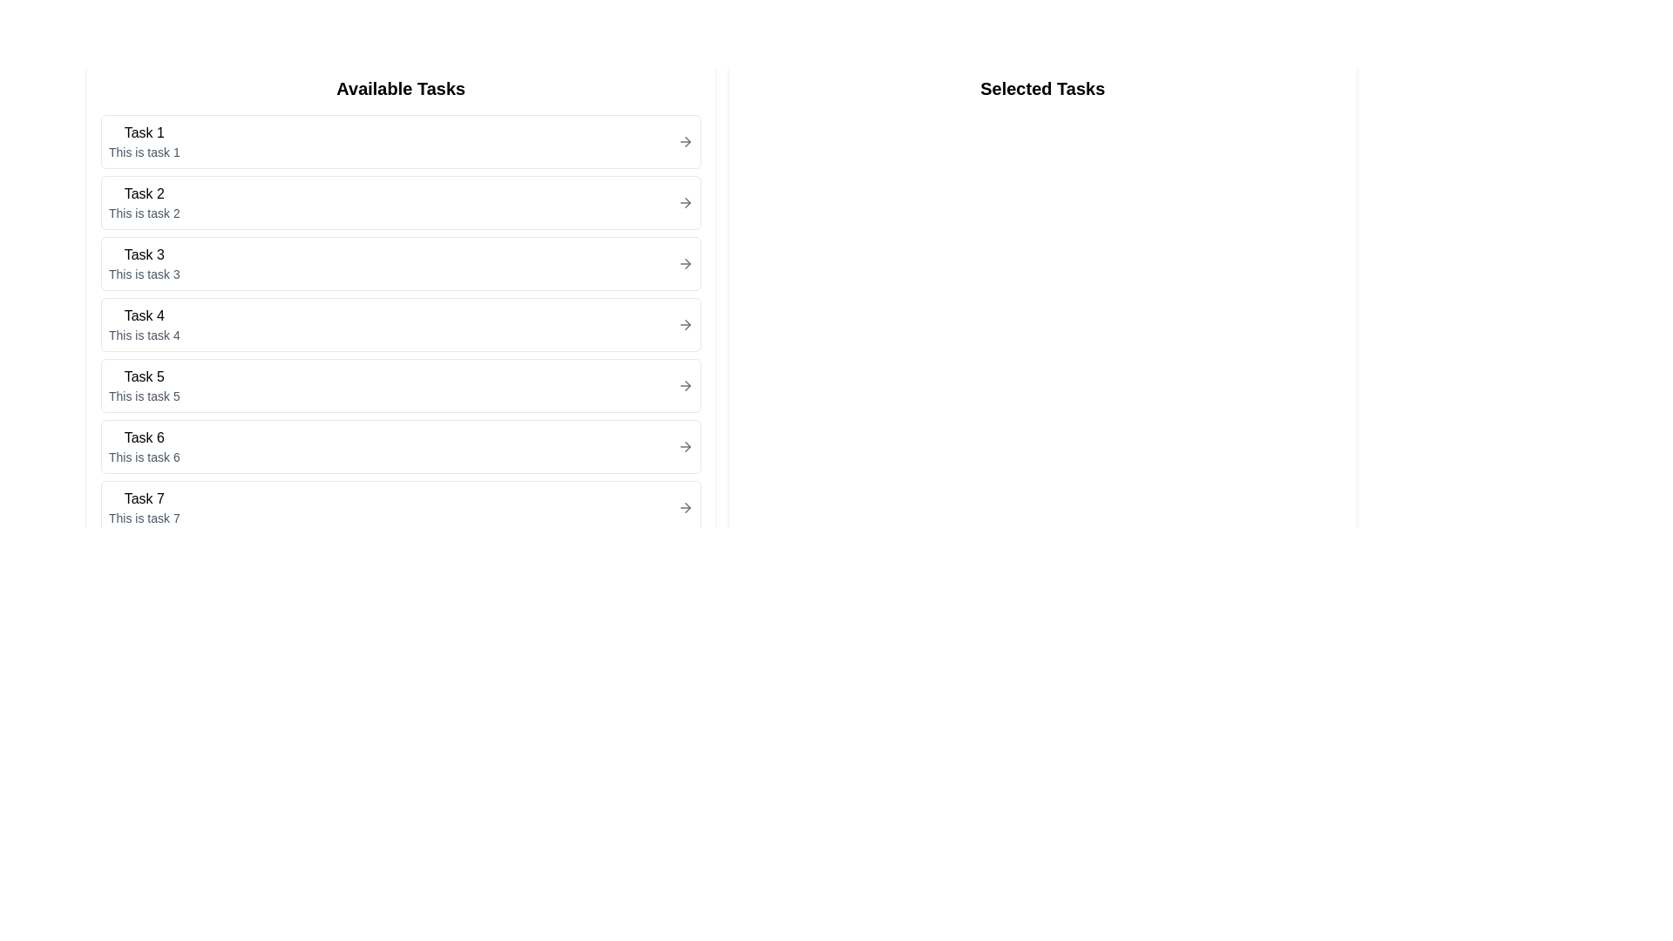 This screenshot has width=1673, height=941. What do you see at coordinates (684, 325) in the screenshot?
I see `the forward navigation icon (Arrow) located in the row labelled 'Task 4' of the 'Available Tasks' list` at bounding box center [684, 325].